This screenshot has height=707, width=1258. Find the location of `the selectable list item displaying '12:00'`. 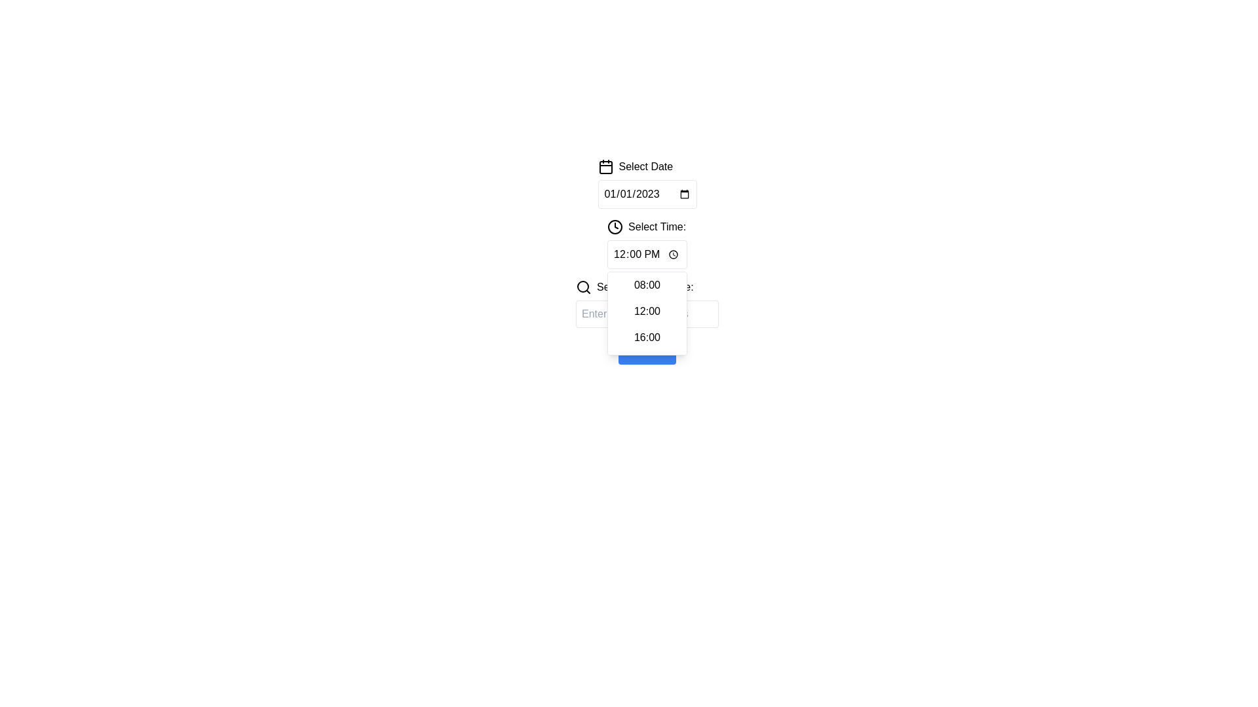

the selectable list item displaying '12:00' is located at coordinates (647, 311).